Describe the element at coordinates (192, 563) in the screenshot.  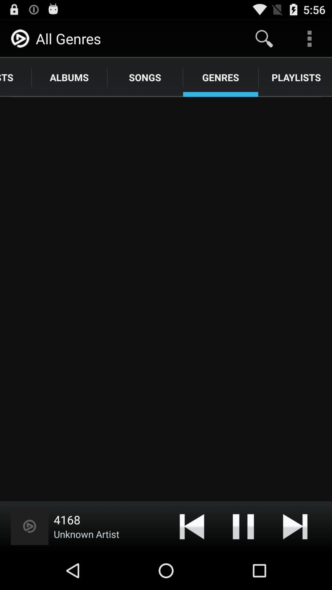
I see `the skip_previous icon` at that location.